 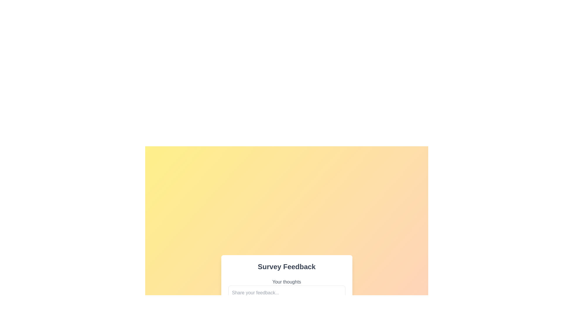 What do you see at coordinates (287, 282) in the screenshot?
I see `the label element that describes the purpose of the input field for user feedback, located above the 'Share your feedback...' input field in the 'Survey Feedback' form` at bounding box center [287, 282].